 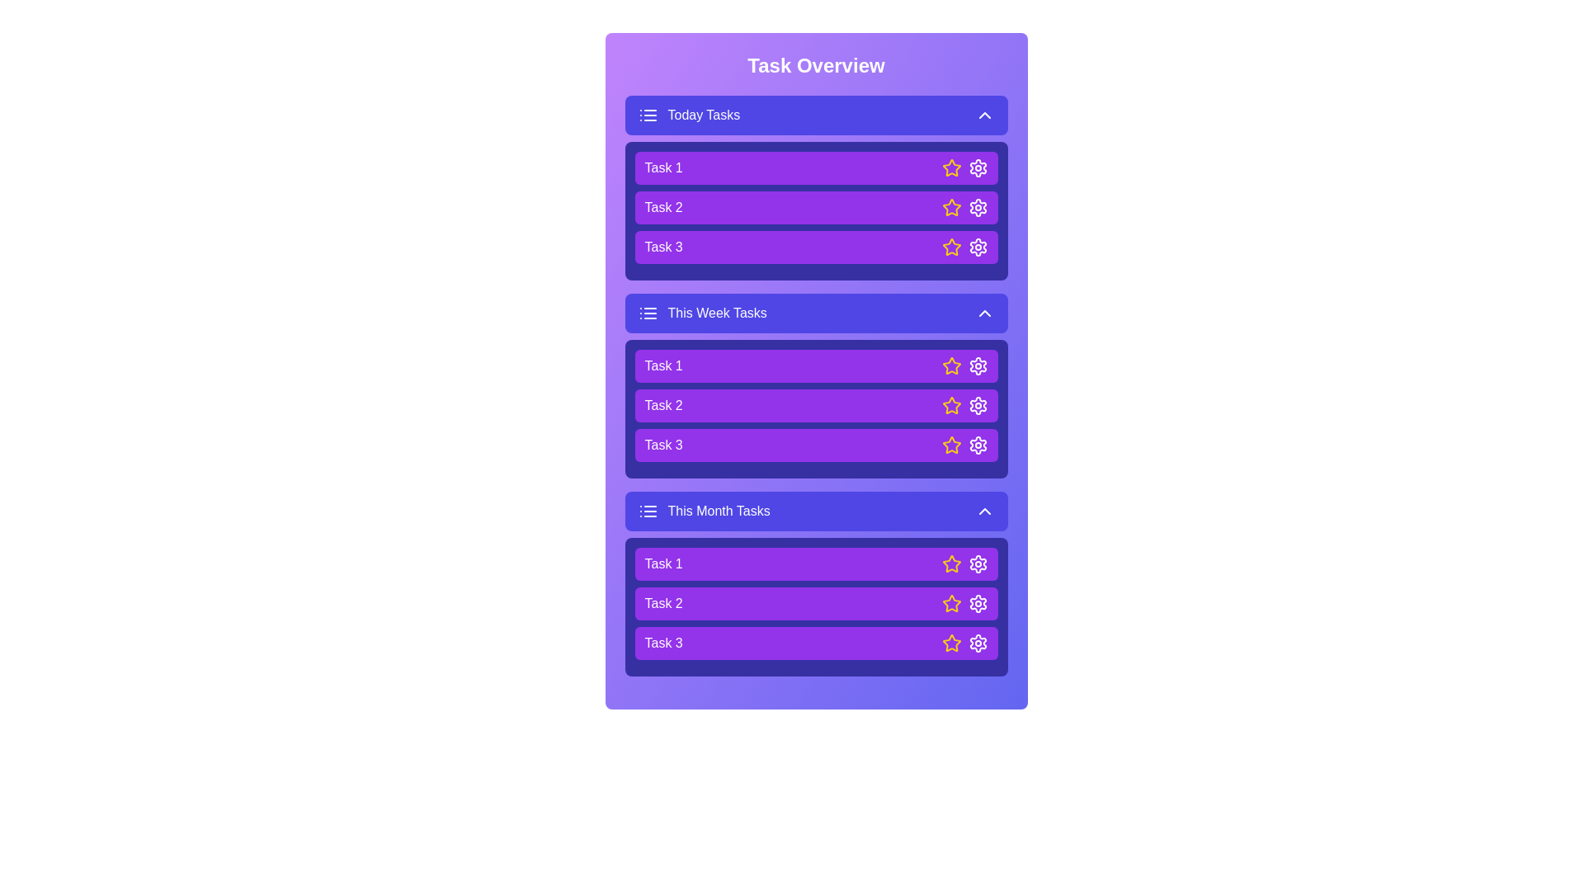 What do you see at coordinates (978, 168) in the screenshot?
I see `the settings icon of a task to configure it. Specify the task using the parameter Task 1` at bounding box center [978, 168].